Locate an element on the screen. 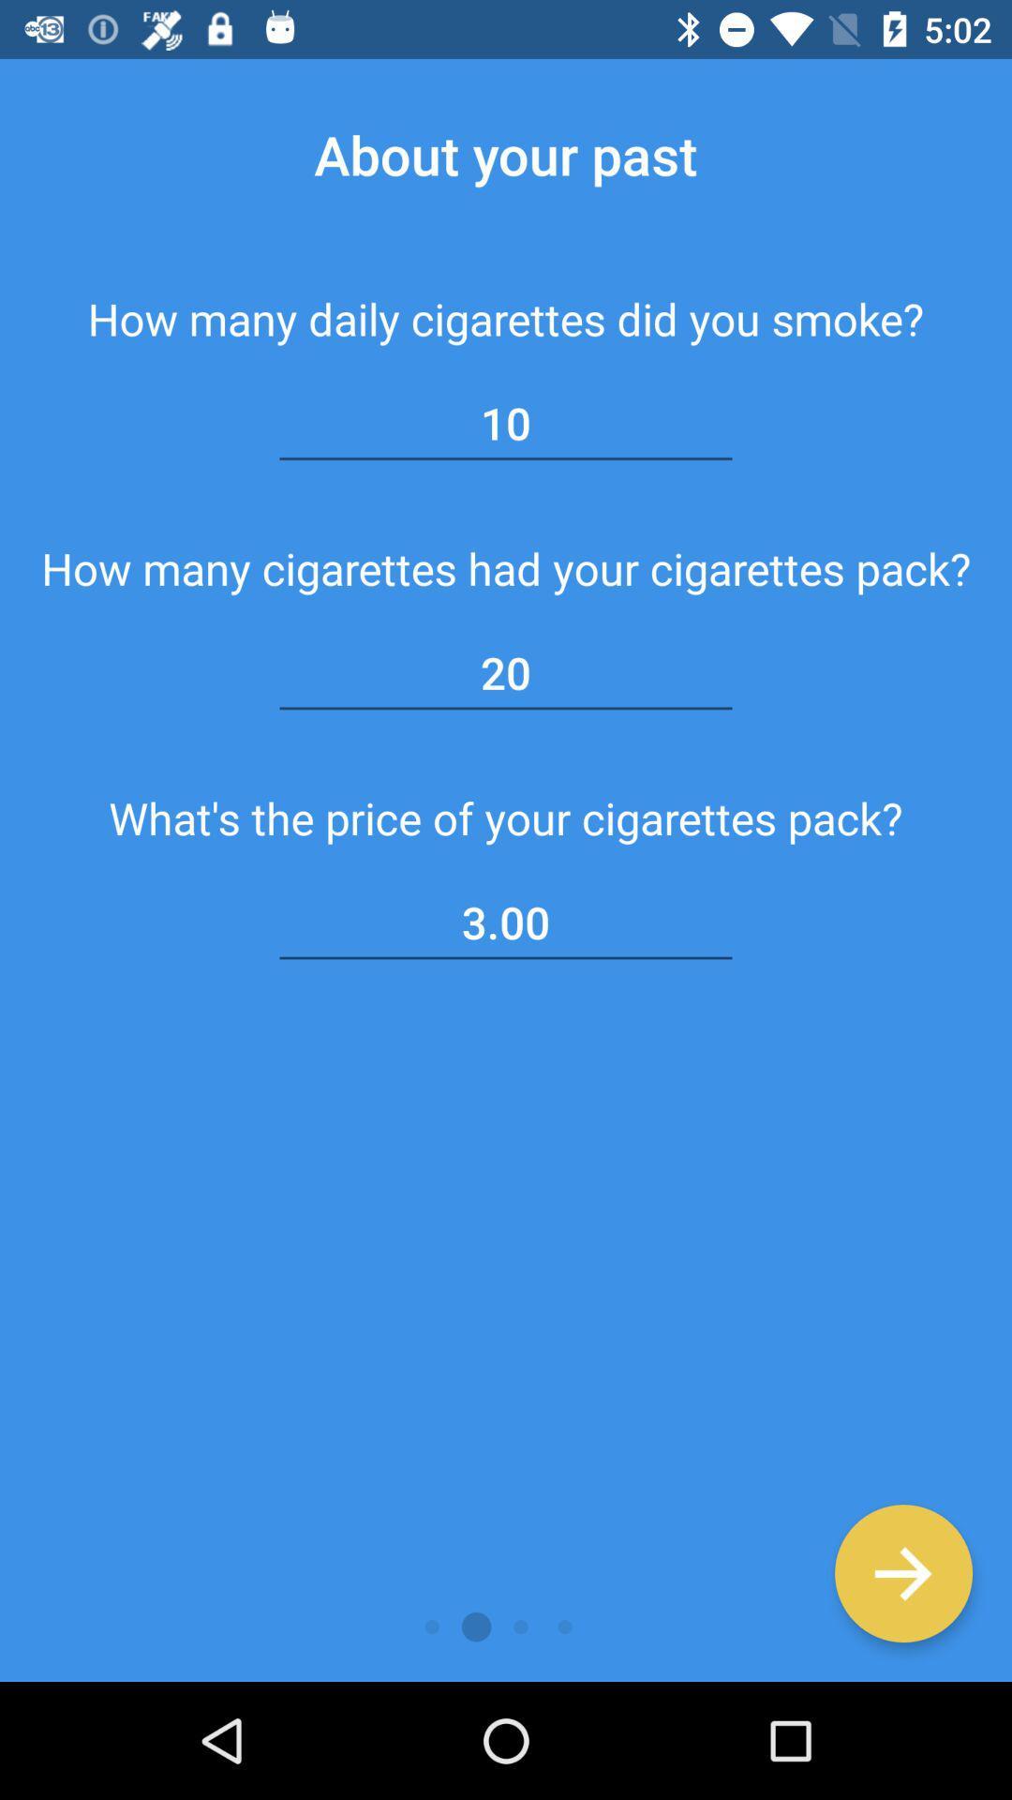  the arrow_forward icon is located at coordinates (902, 1573).